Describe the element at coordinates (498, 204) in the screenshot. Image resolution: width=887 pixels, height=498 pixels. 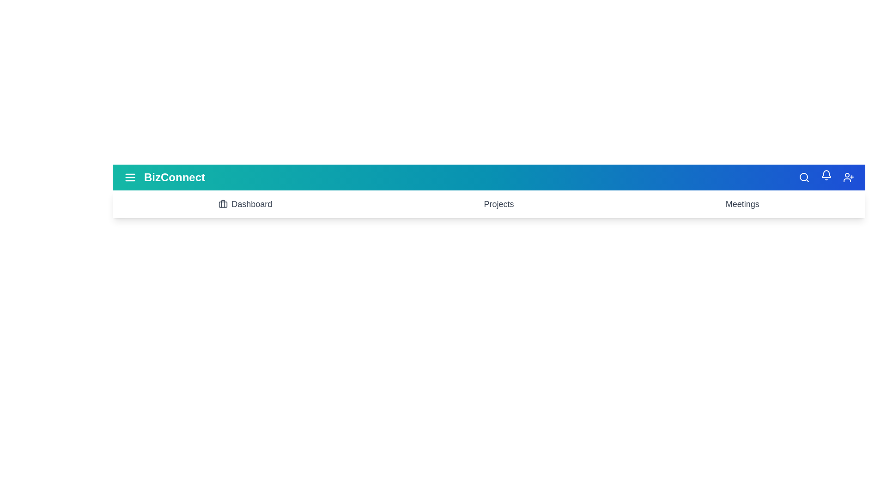
I see `the 'Projects' button to navigate to the projects section` at that location.